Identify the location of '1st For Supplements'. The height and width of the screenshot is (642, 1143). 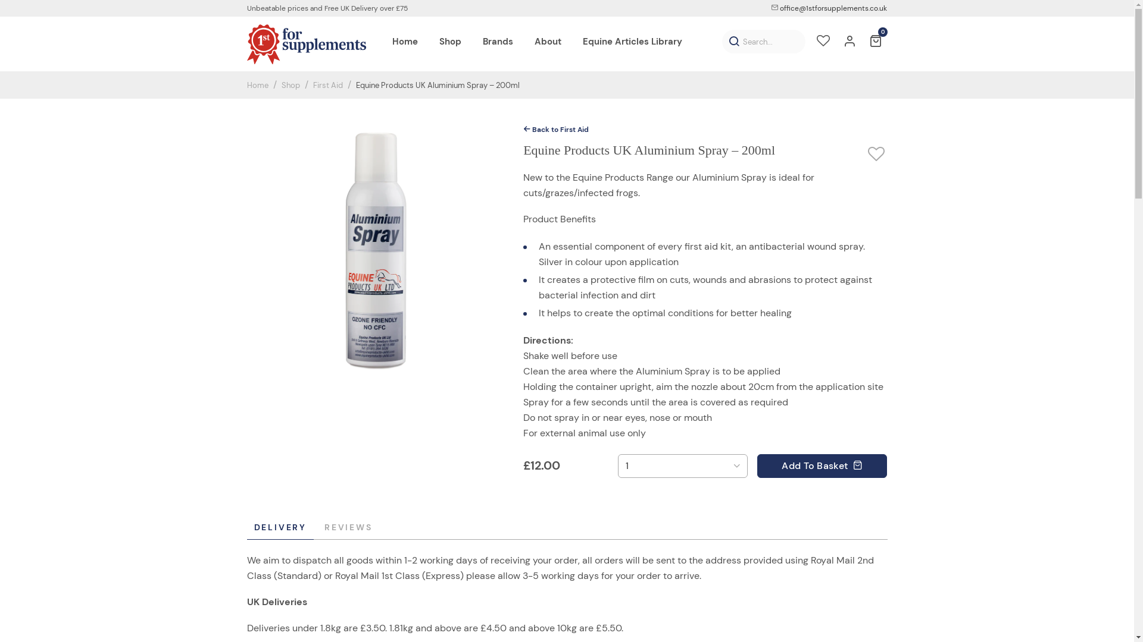
(245, 43).